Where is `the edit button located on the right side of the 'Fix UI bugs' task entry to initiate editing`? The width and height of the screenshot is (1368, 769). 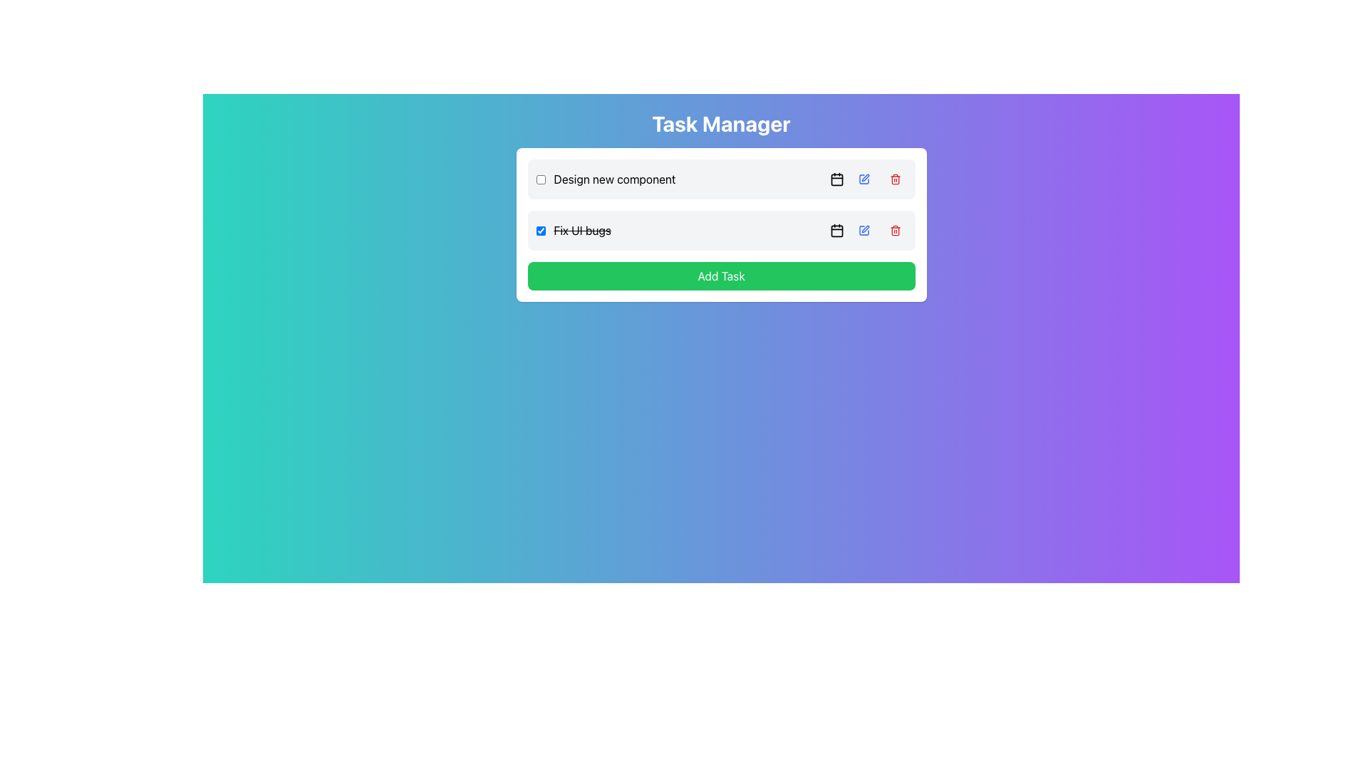
the edit button located on the right side of the 'Fix UI bugs' task entry to initiate editing is located at coordinates (863, 230).